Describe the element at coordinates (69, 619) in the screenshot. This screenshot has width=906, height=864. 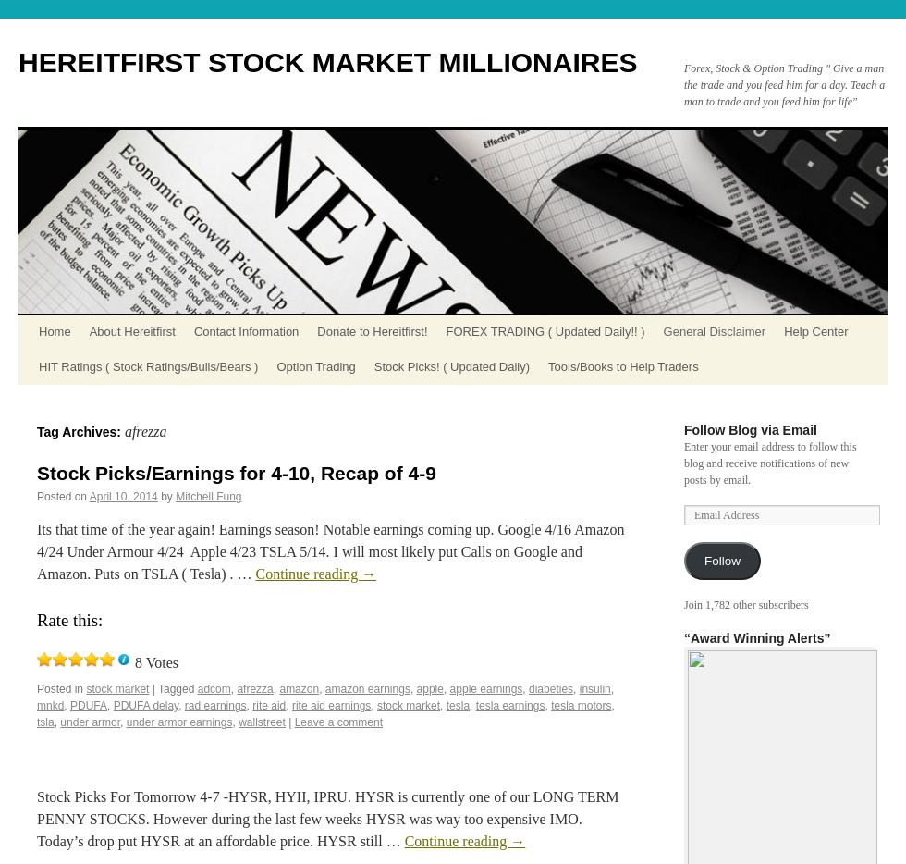
I see `'Rate this:'` at that location.